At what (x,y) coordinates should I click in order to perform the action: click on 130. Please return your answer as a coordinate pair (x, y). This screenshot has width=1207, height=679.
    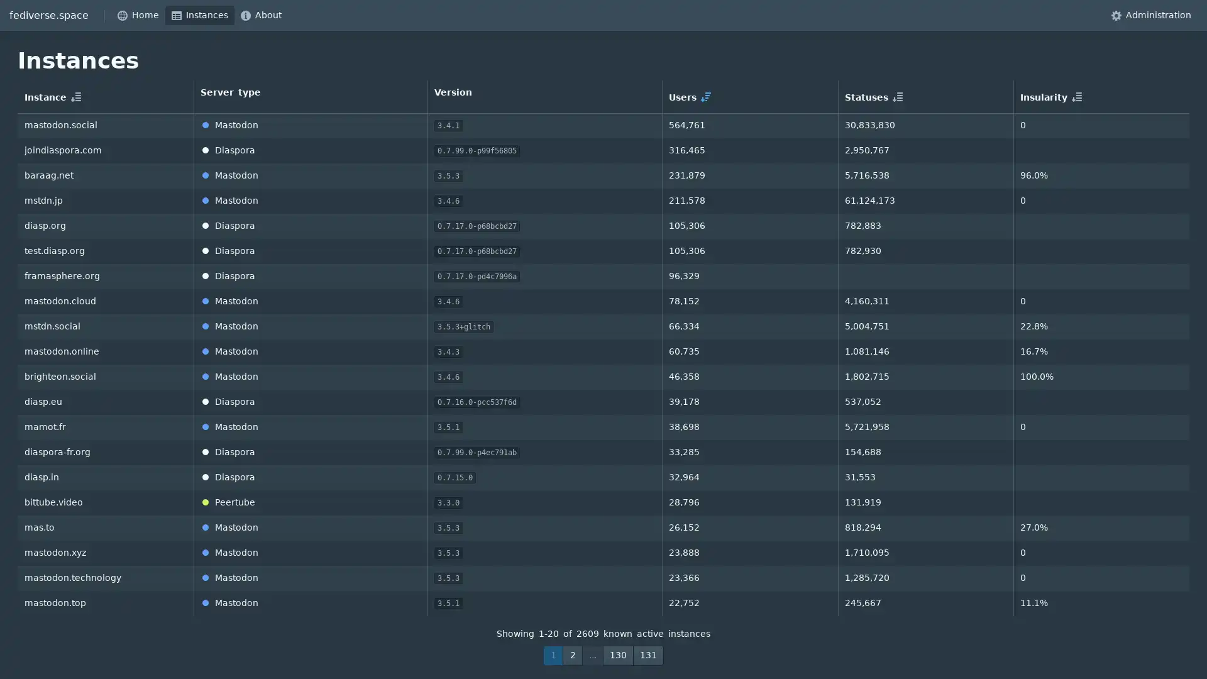
    Looking at the image, I should click on (618, 654).